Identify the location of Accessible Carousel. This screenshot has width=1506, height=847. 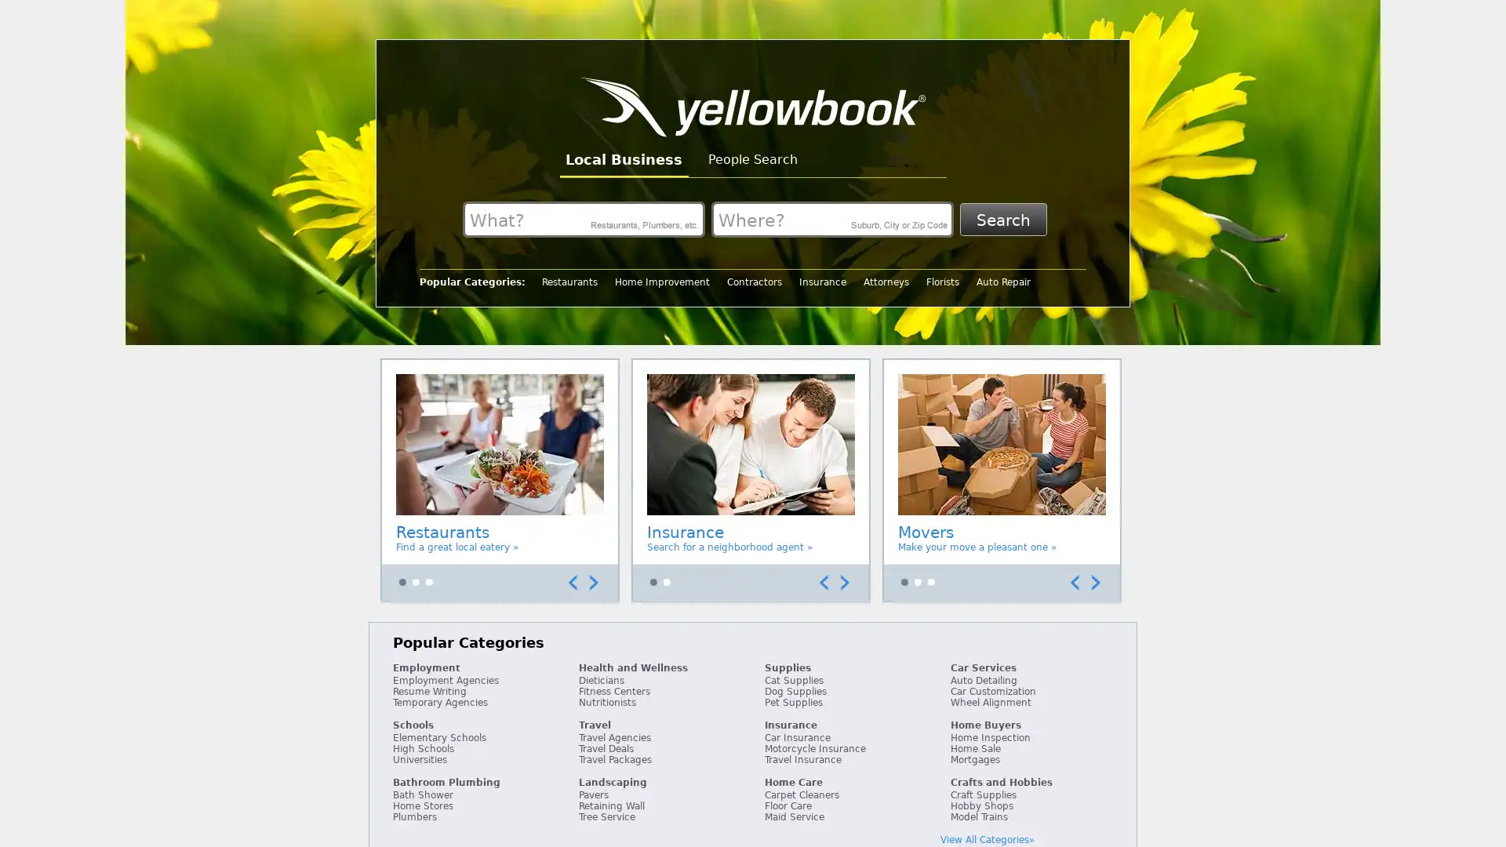
(382, 360).